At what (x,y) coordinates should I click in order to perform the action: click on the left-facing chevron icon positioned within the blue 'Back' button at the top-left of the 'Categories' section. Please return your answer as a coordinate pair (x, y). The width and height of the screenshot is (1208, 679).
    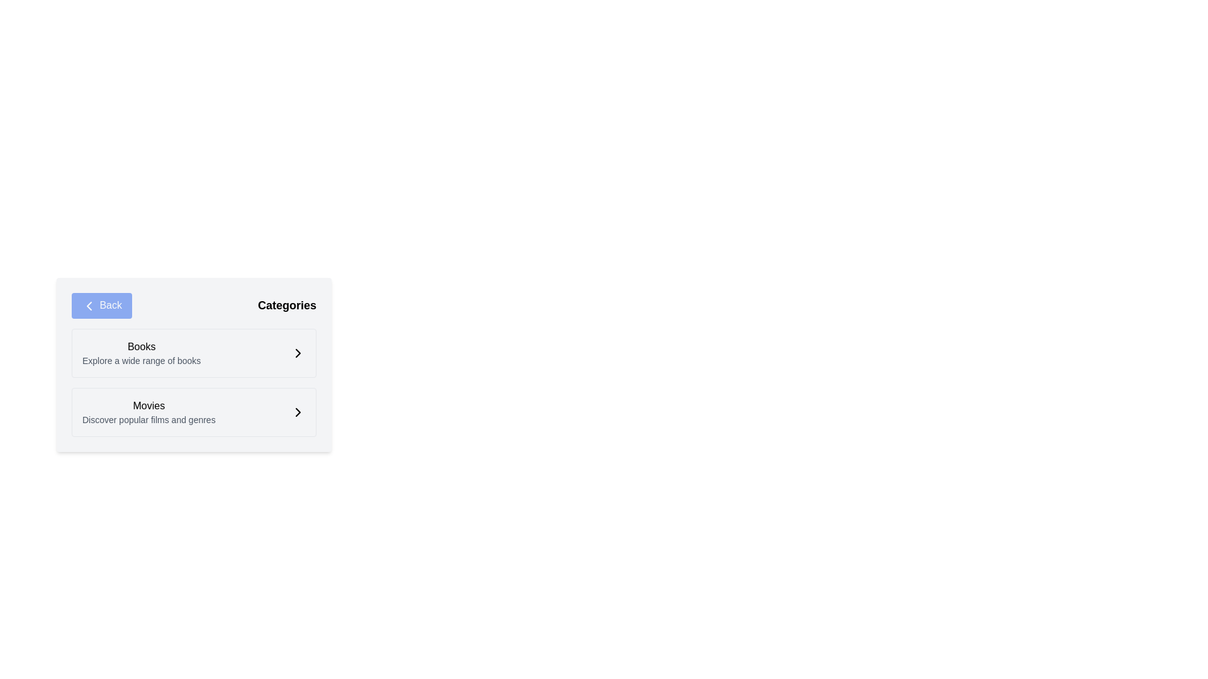
    Looking at the image, I should click on (89, 306).